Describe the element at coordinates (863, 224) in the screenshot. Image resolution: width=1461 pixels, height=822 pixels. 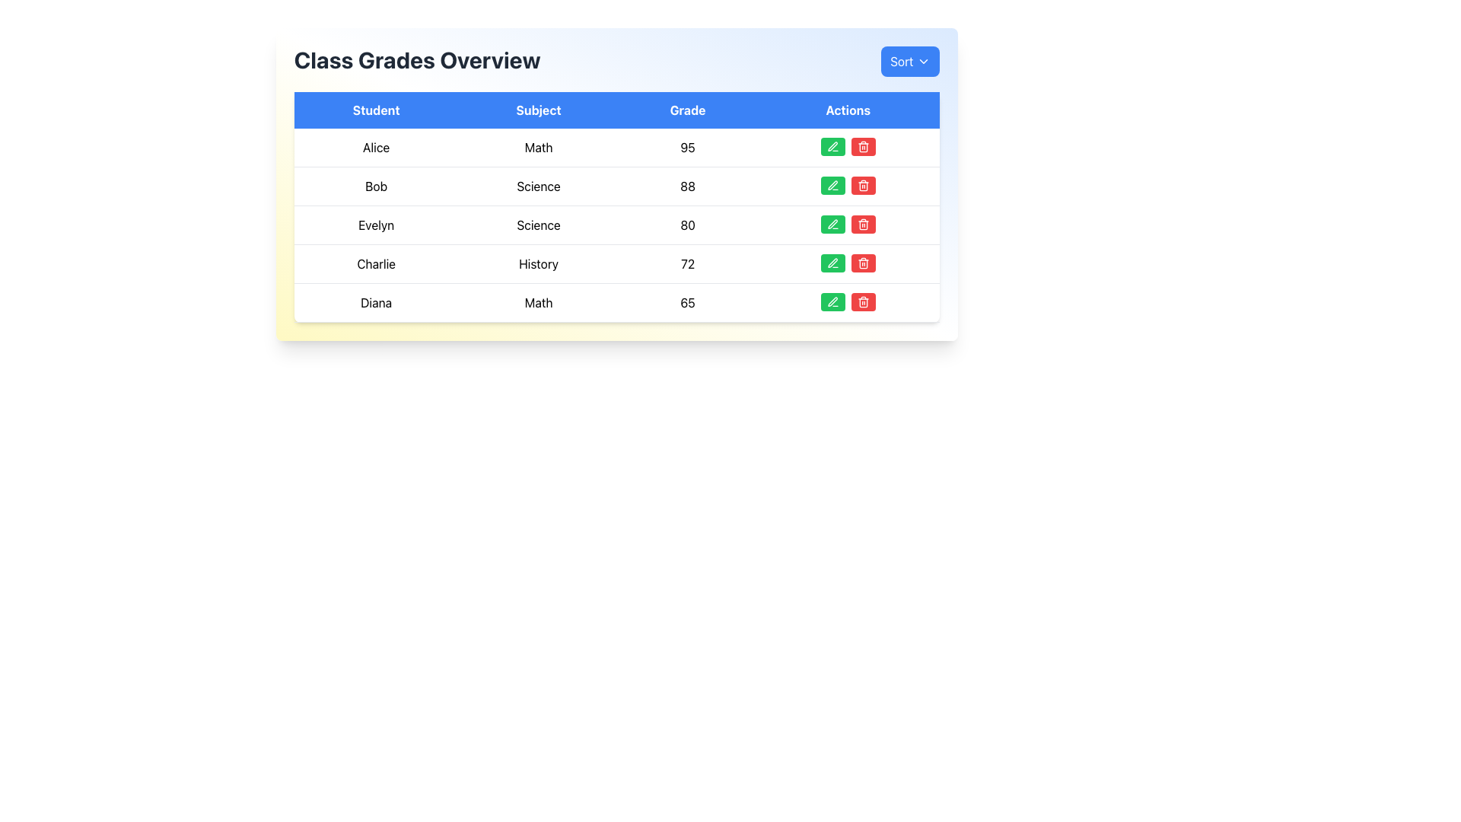
I see `the 'Delete' button represented by a trash can icon in the 'Actions' column of the fourth row of the table` at that location.